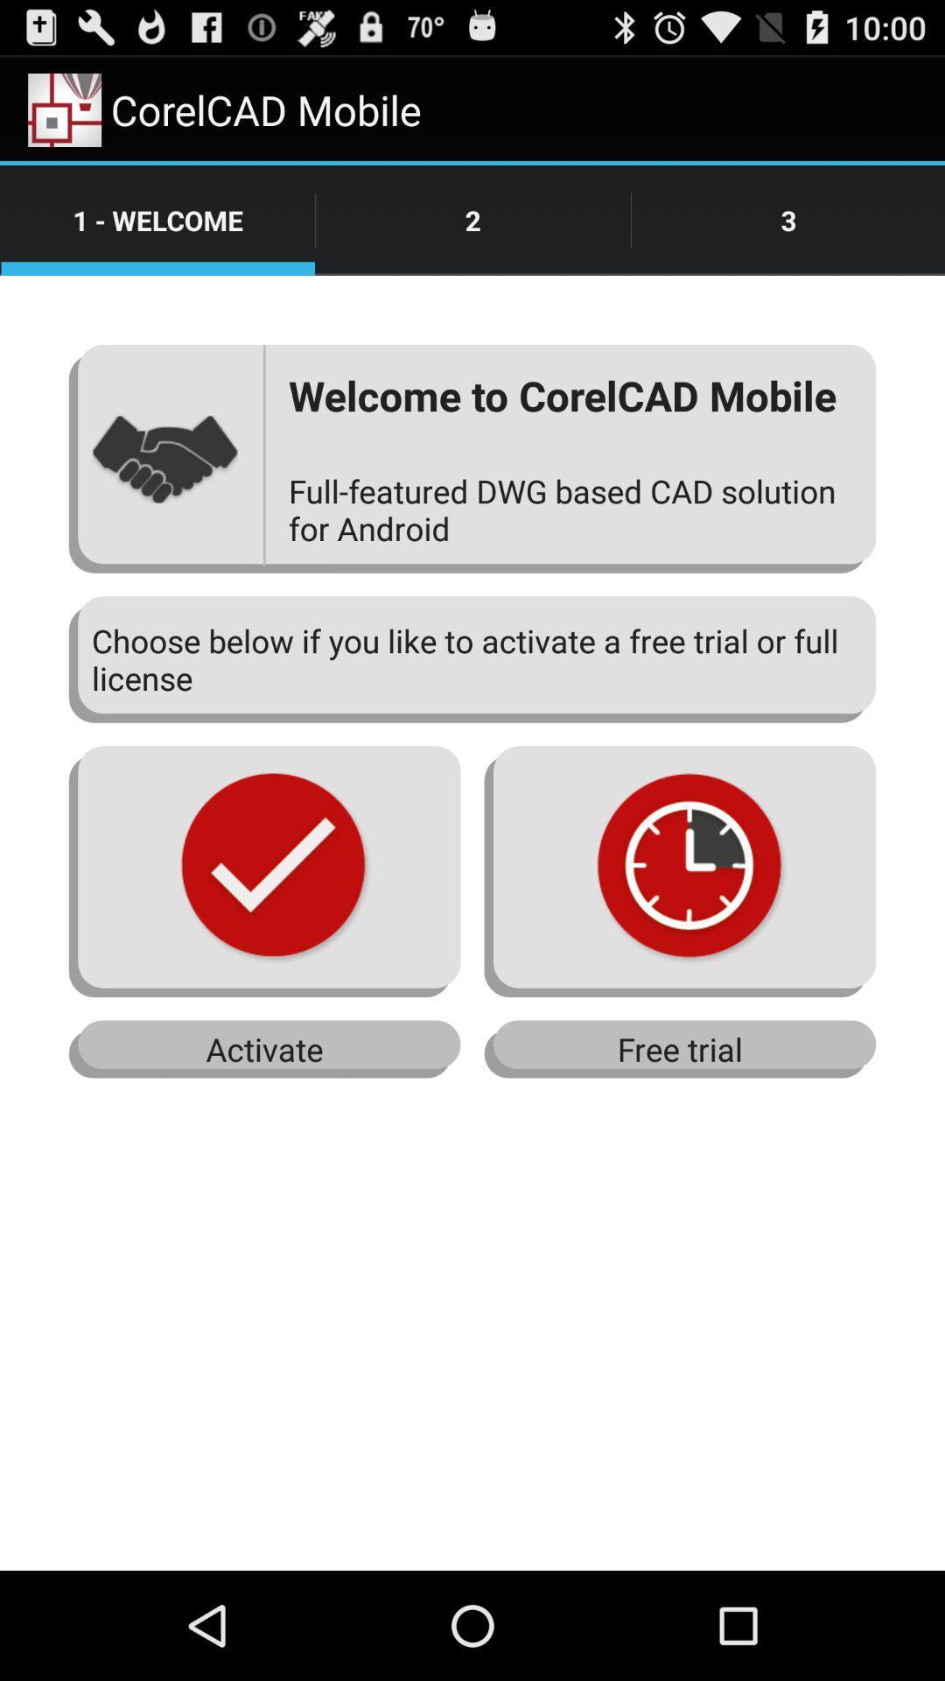 This screenshot has height=1681, width=945. I want to click on the first image from left, so click(265, 871).